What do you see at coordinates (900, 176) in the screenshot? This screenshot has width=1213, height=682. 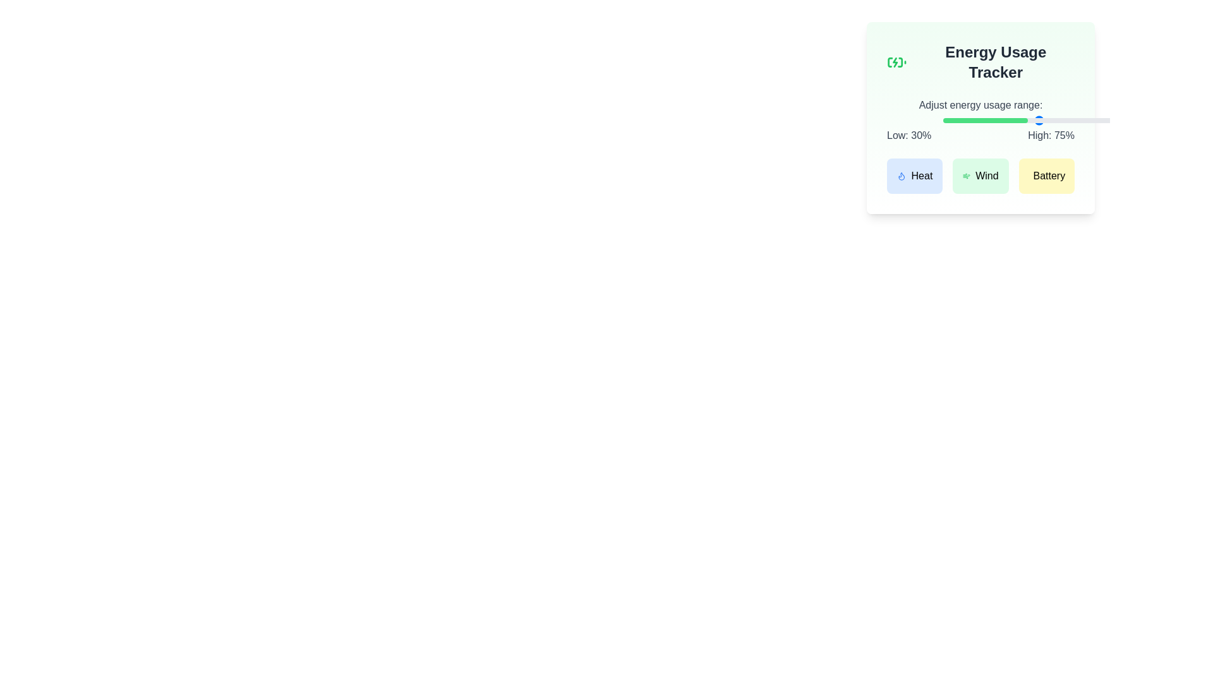 I see `the flame icon button with a light blue background and the text 'Heat'` at bounding box center [900, 176].